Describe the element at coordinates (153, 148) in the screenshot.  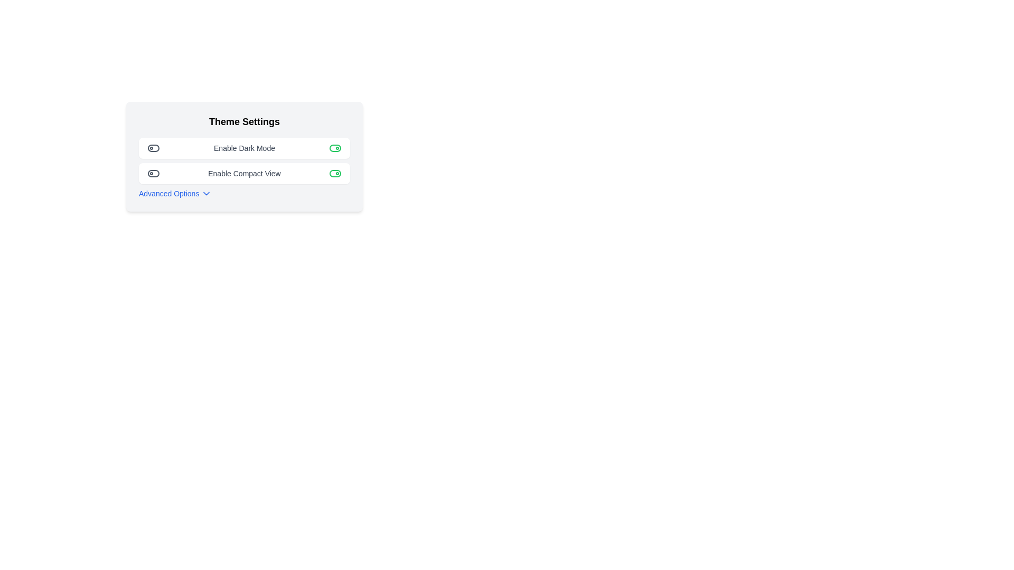
I see `the toggle knob of the 'Enable Dark Mode' switch located on the left side of the track` at that location.